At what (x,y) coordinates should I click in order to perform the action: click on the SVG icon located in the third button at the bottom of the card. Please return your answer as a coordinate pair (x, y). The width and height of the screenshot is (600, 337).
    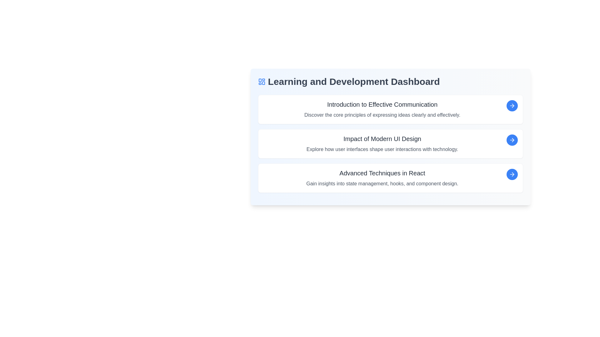
    Looking at the image, I should click on (512, 174).